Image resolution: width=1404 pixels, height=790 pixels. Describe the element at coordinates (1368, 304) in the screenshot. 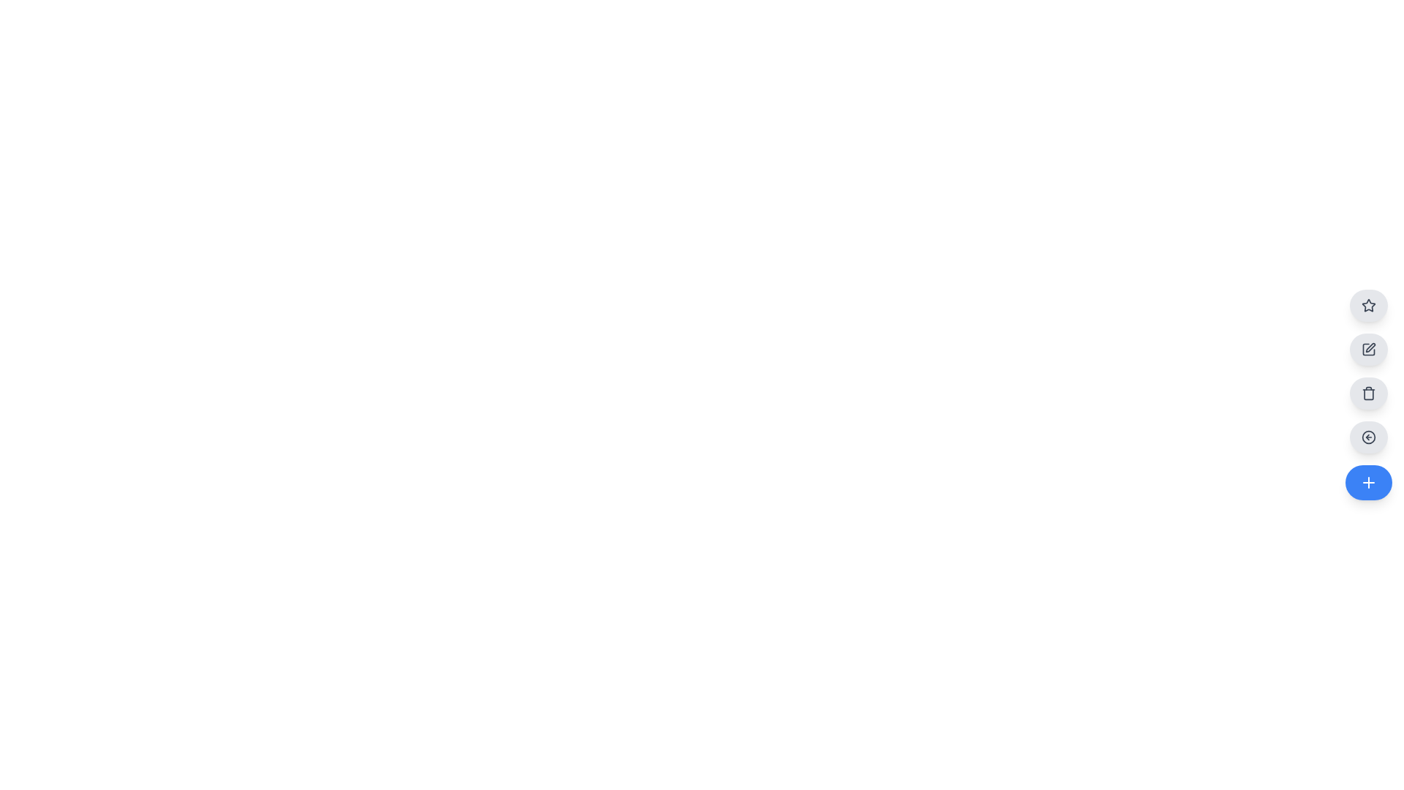

I see `the star-shaped icon within the circular button located near the top-right corner of the interface to mark an item as favorite` at that location.